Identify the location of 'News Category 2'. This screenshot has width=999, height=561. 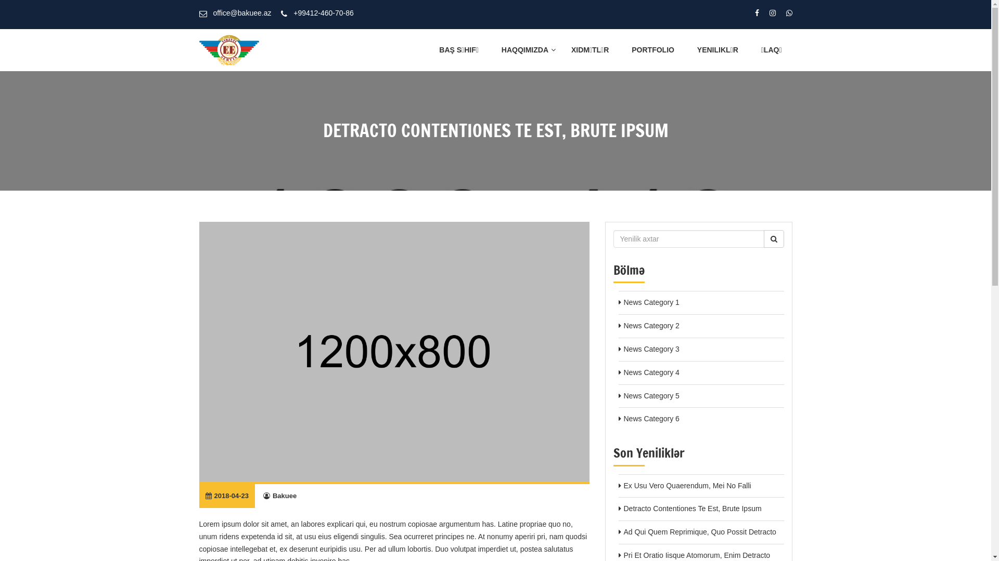
(650, 325).